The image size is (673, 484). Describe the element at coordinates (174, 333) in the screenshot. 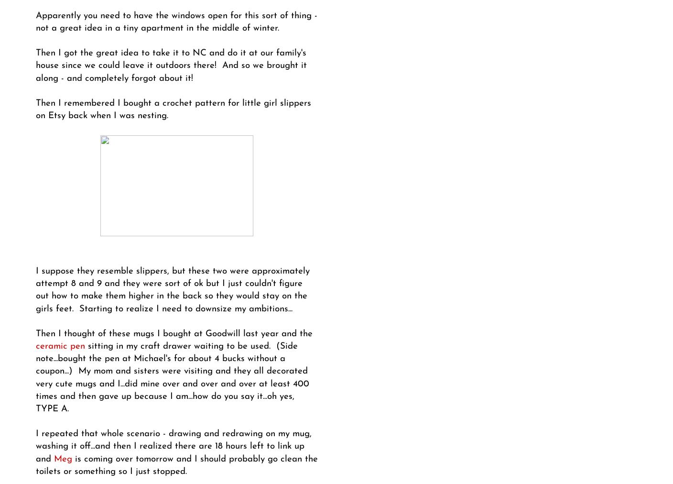

I see `'Then I thought of these mugs I bought at Goodwill last year and the'` at that location.